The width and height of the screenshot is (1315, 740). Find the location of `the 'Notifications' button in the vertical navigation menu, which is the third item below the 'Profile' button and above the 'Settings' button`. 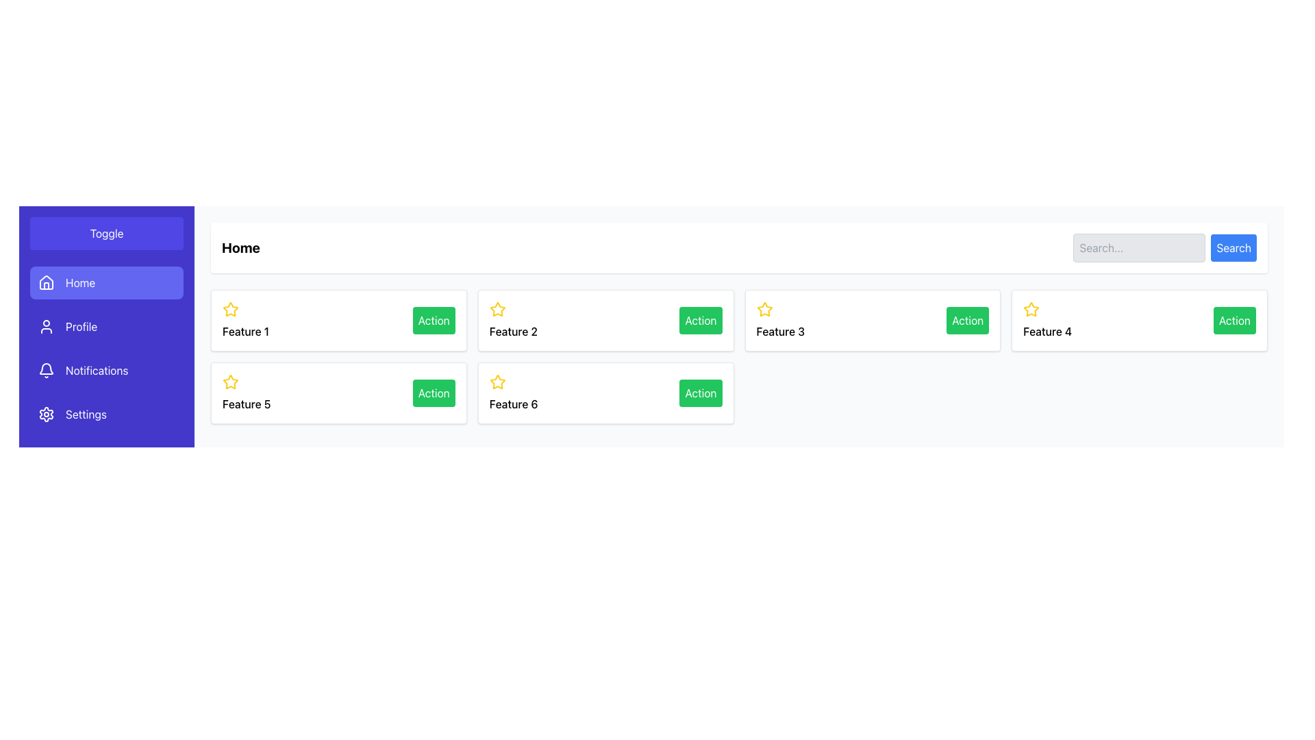

the 'Notifications' button in the vertical navigation menu, which is the third item below the 'Profile' button and above the 'Settings' button is located at coordinates (106, 370).